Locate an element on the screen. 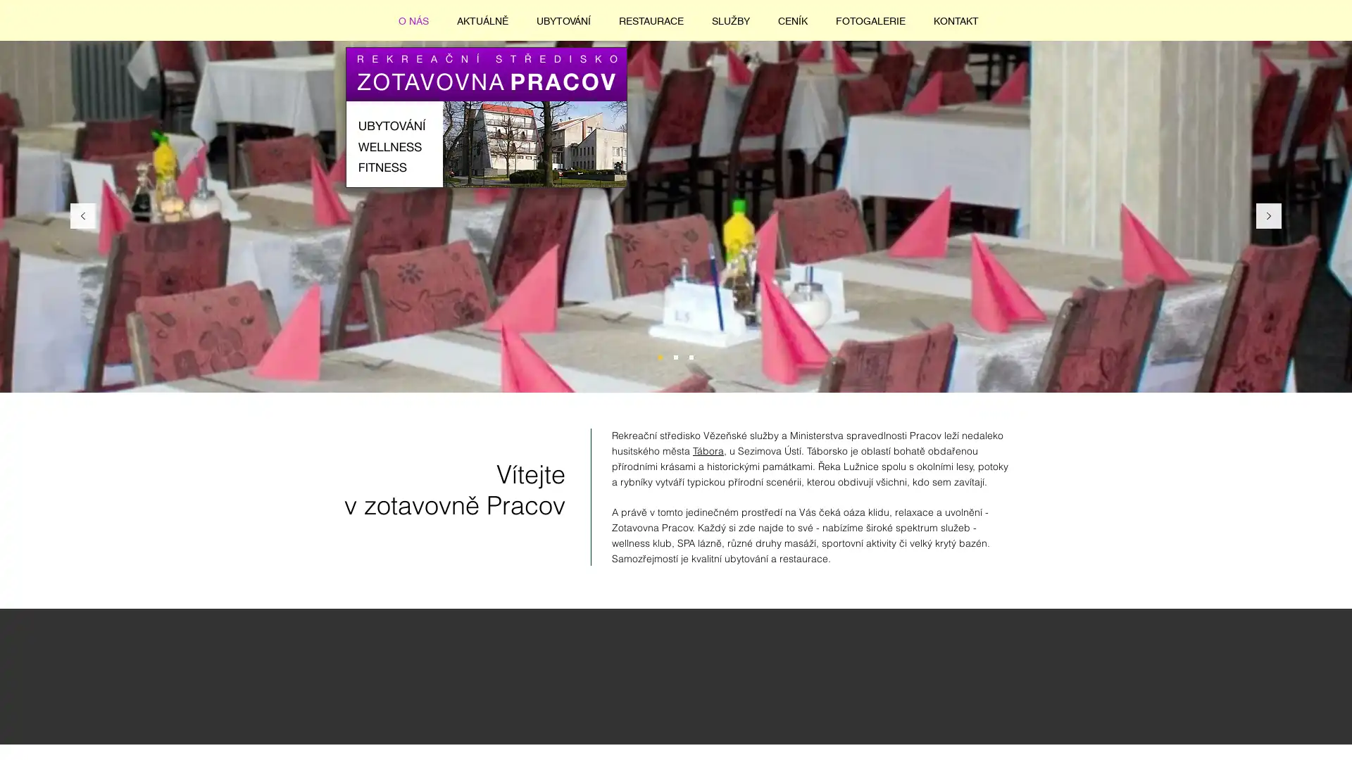 The image size is (1352, 760). Dalsi is located at coordinates (1268, 216).